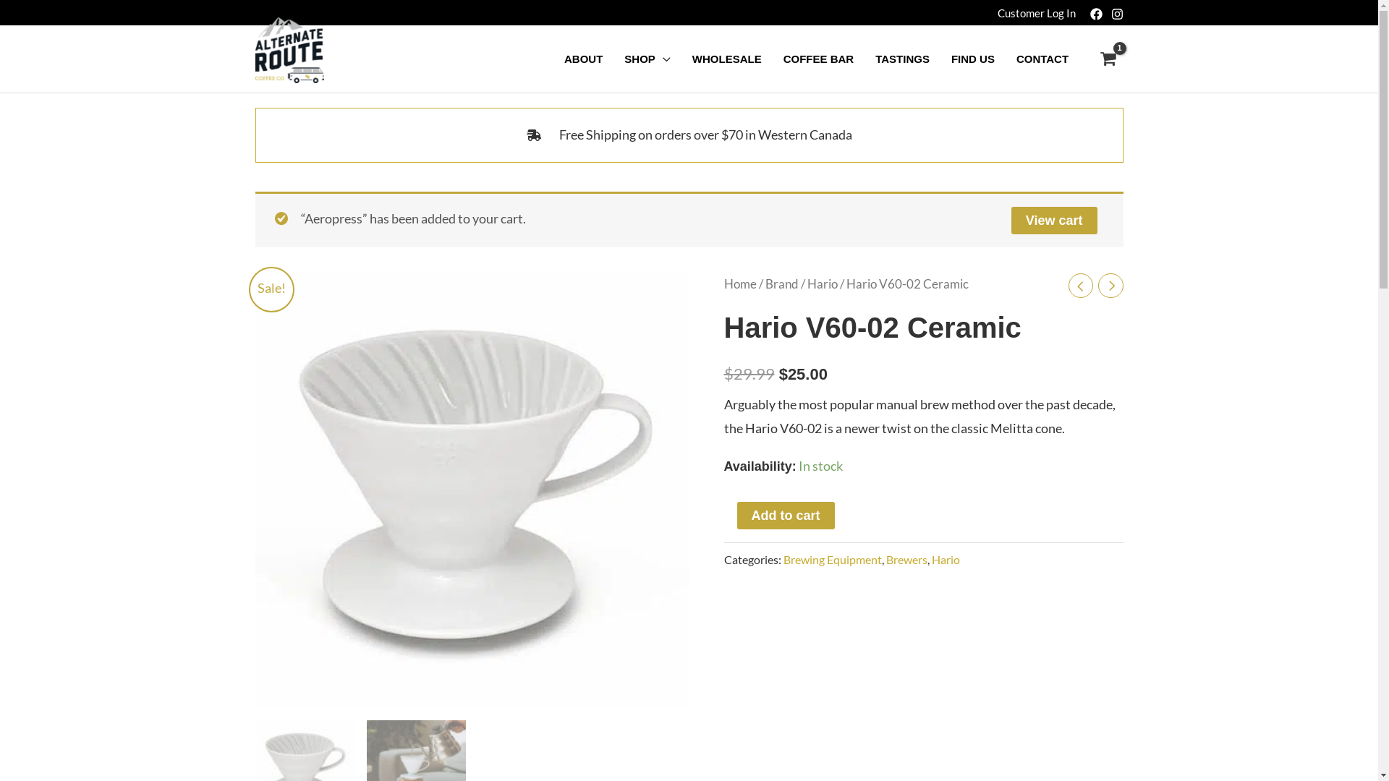  What do you see at coordinates (680, 58) in the screenshot?
I see `'WHOLESALE'` at bounding box center [680, 58].